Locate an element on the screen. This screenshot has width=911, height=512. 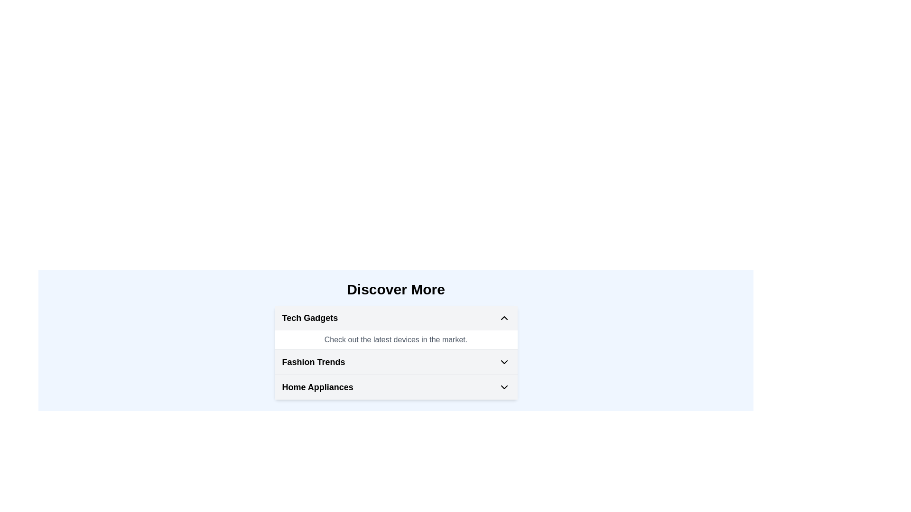
text label that displays 'Check out the latest devices in the market.' located below the 'Tech Gadgets' header is located at coordinates (396, 339).